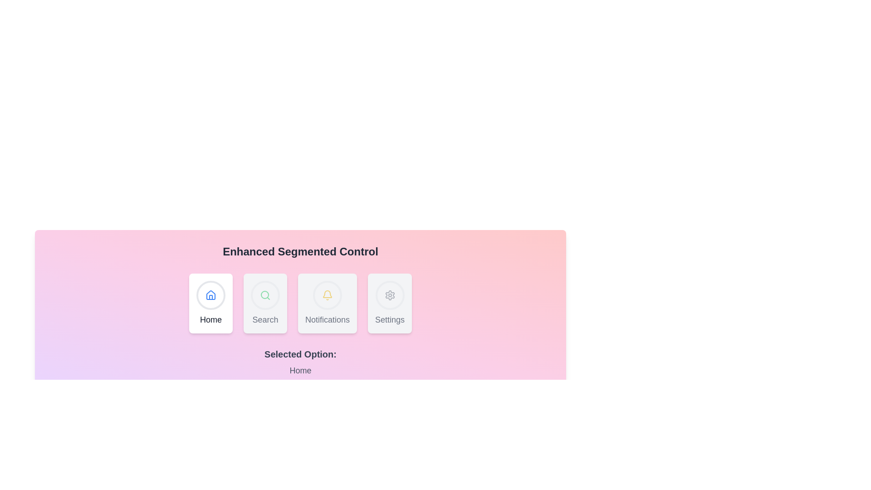 The height and width of the screenshot is (490, 871). I want to click on the 'Home' icon in the segmented control group, which is the first button in a horizontal arrangement labeled 'Home', so click(210, 295).